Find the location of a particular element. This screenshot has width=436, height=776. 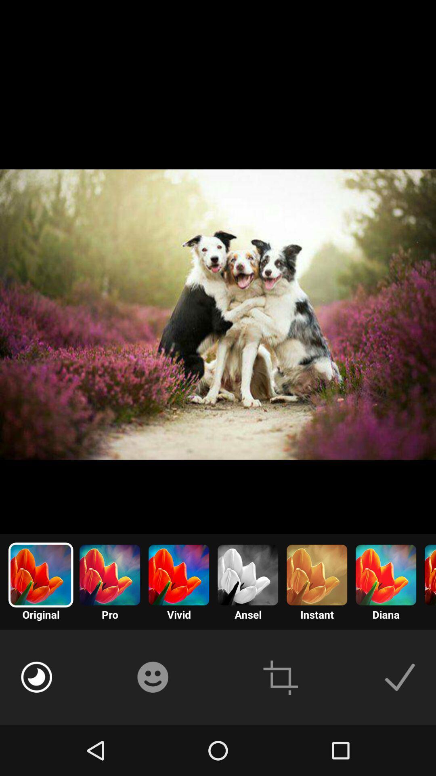

emoticon is located at coordinates (153, 677).